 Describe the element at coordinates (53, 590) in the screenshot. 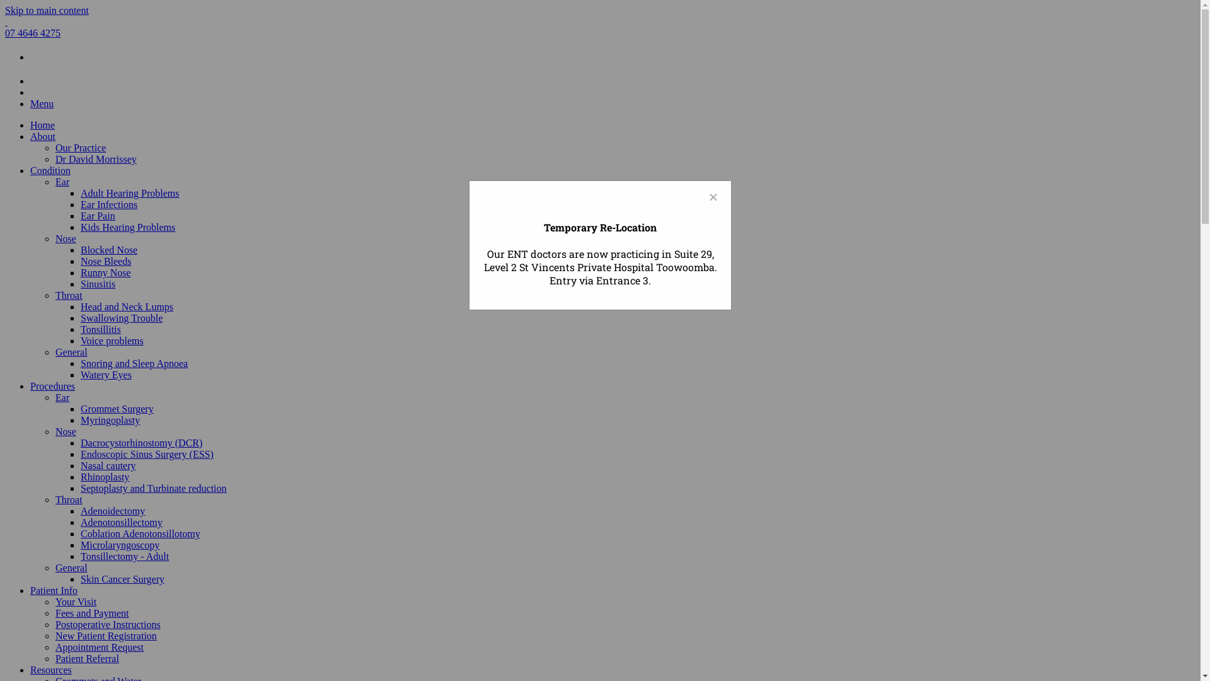

I see `'Patient Info'` at that location.